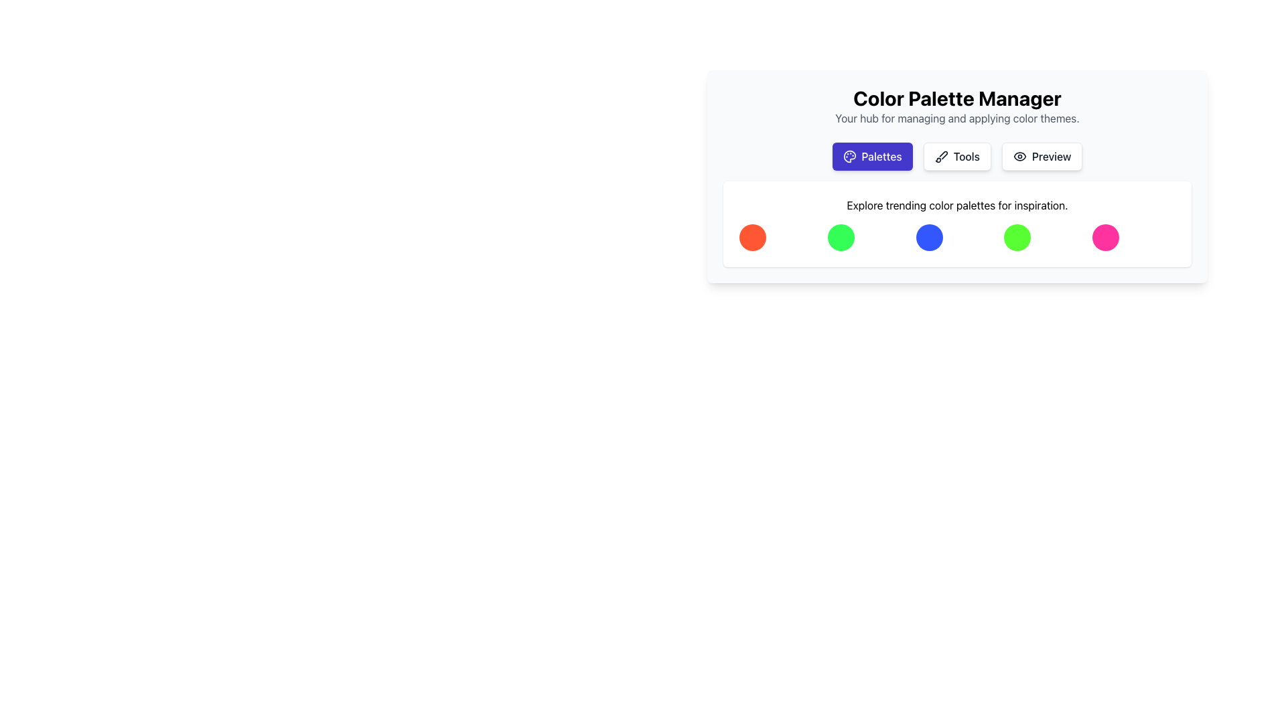 This screenshot has width=1286, height=723. I want to click on the icon representing a palette, which is the leftmost icon within the 'Palettes' button in the header section of the interface, so click(849, 156).